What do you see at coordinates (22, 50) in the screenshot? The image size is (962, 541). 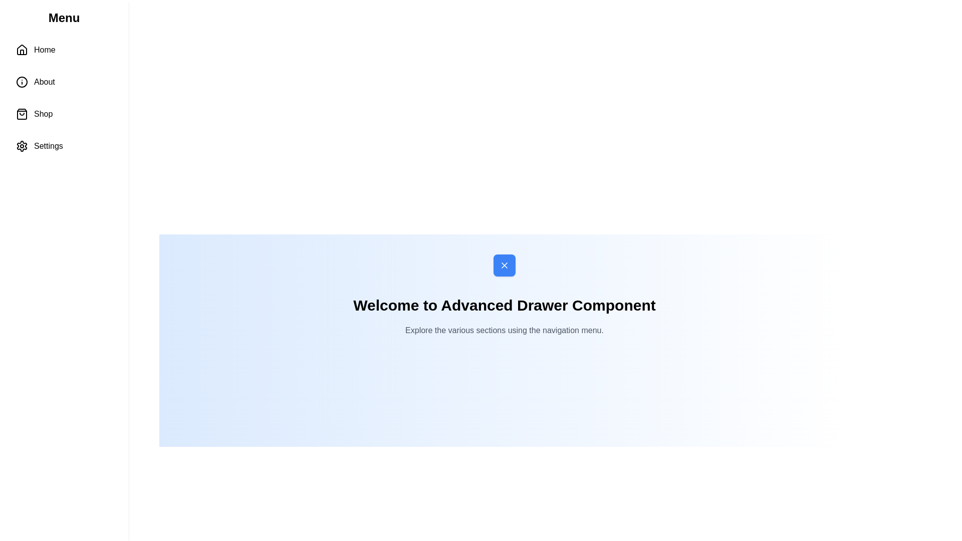 I see `the house-shaped icon in the 'Home' menu of the vertical navigation bar, which is the leftmost component next to the text 'Home'` at bounding box center [22, 50].